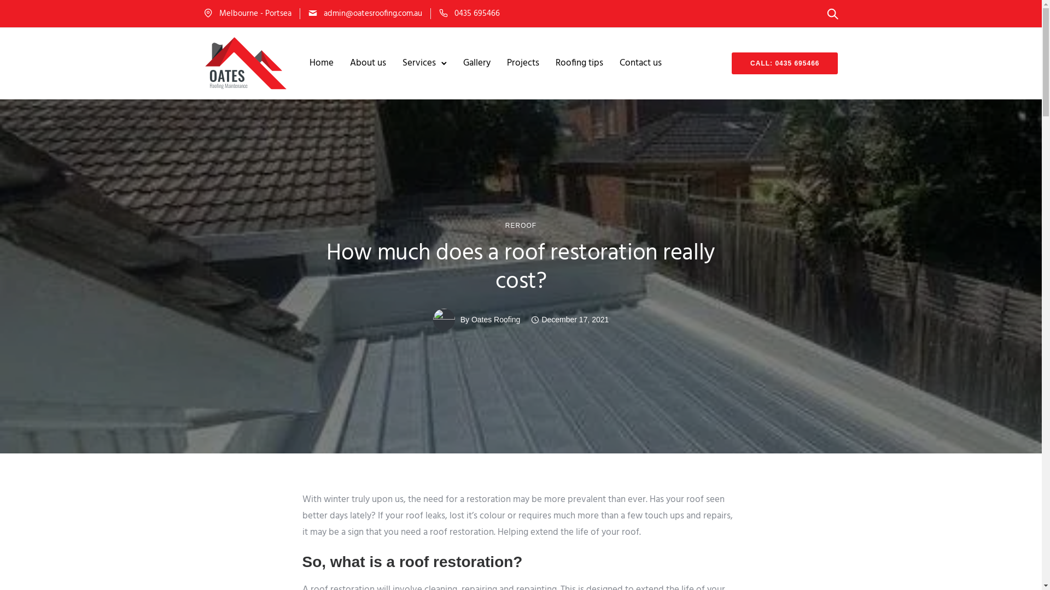 This screenshot has height=590, width=1050. I want to click on '0435 695466', so click(476, 13).